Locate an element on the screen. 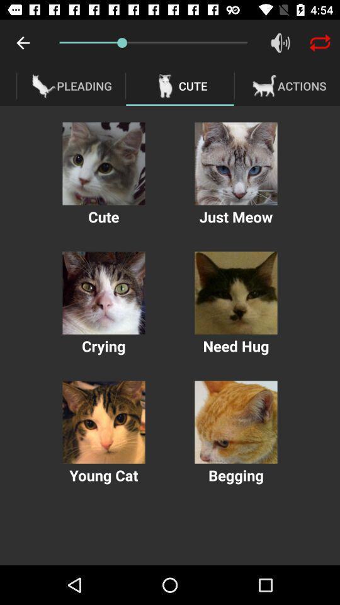 The width and height of the screenshot is (340, 605). action is located at coordinates (235, 293).